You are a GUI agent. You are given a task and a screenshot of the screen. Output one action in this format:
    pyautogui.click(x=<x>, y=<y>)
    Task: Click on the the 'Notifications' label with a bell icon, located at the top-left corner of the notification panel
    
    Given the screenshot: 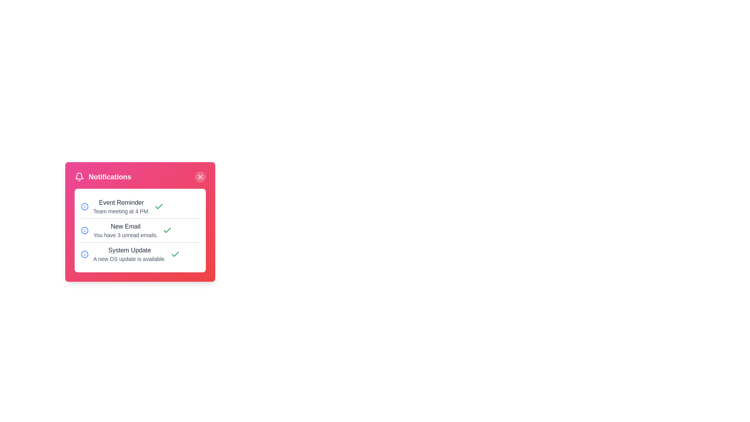 What is the action you would take?
    pyautogui.click(x=102, y=177)
    